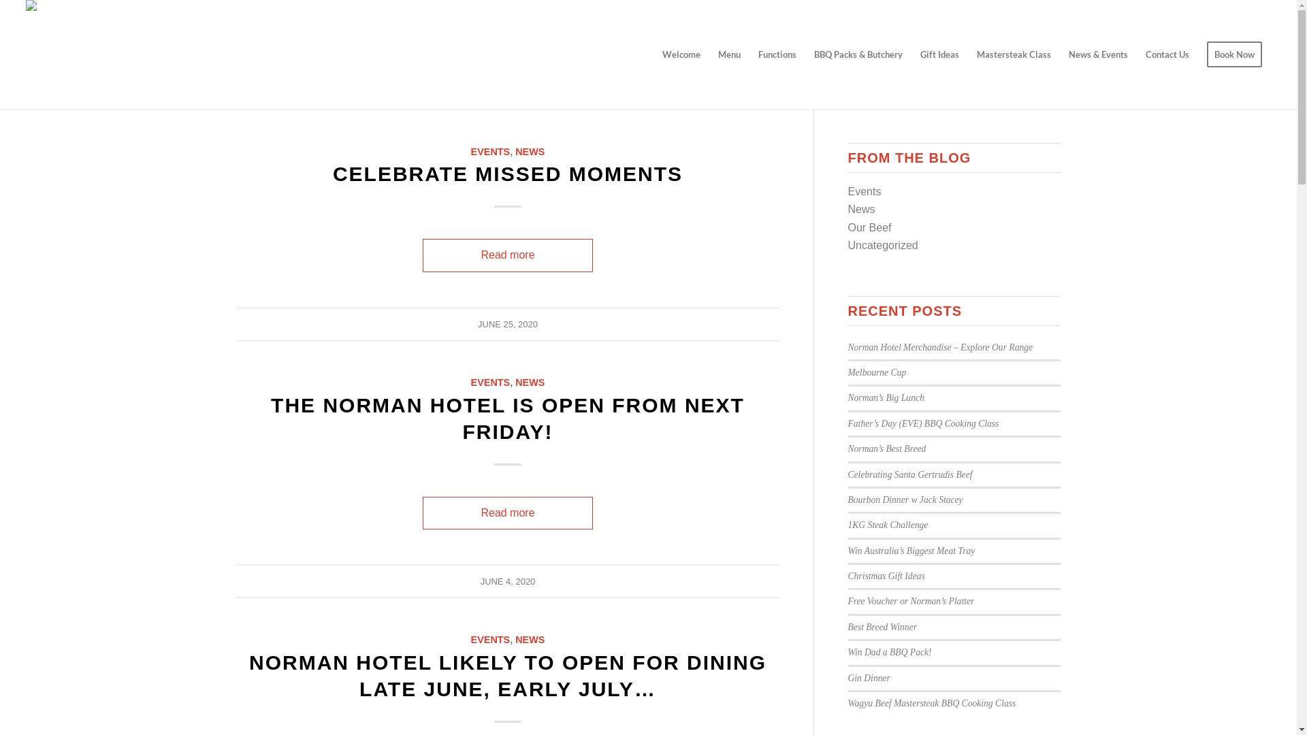 The image size is (1307, 735). I want to click on 'Gift Ideas', so click(939, 54).